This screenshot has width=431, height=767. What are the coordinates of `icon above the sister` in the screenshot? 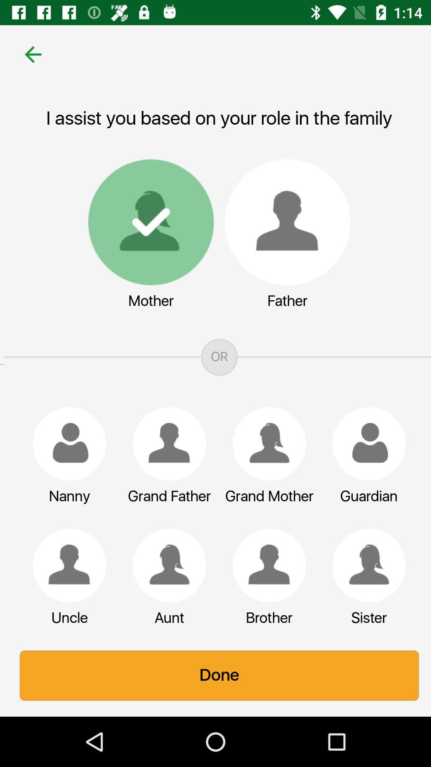 It's located at (365, 565).